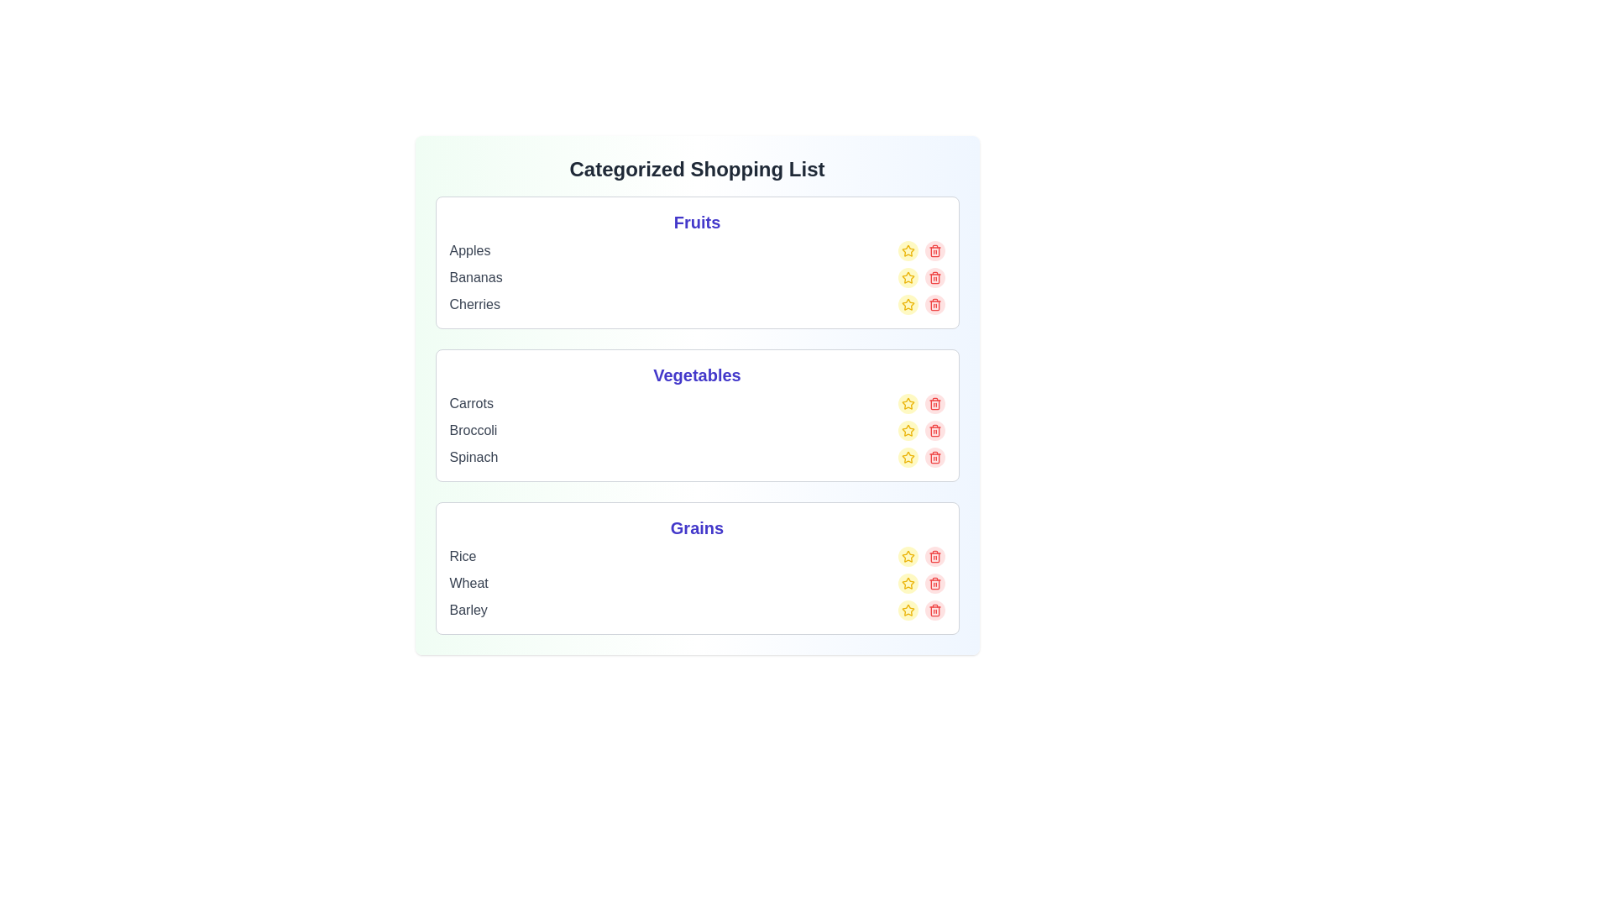 This screenshot has width=1612, height=907. I want to click on the category title Vegetables to read its name, so click(697, 375).